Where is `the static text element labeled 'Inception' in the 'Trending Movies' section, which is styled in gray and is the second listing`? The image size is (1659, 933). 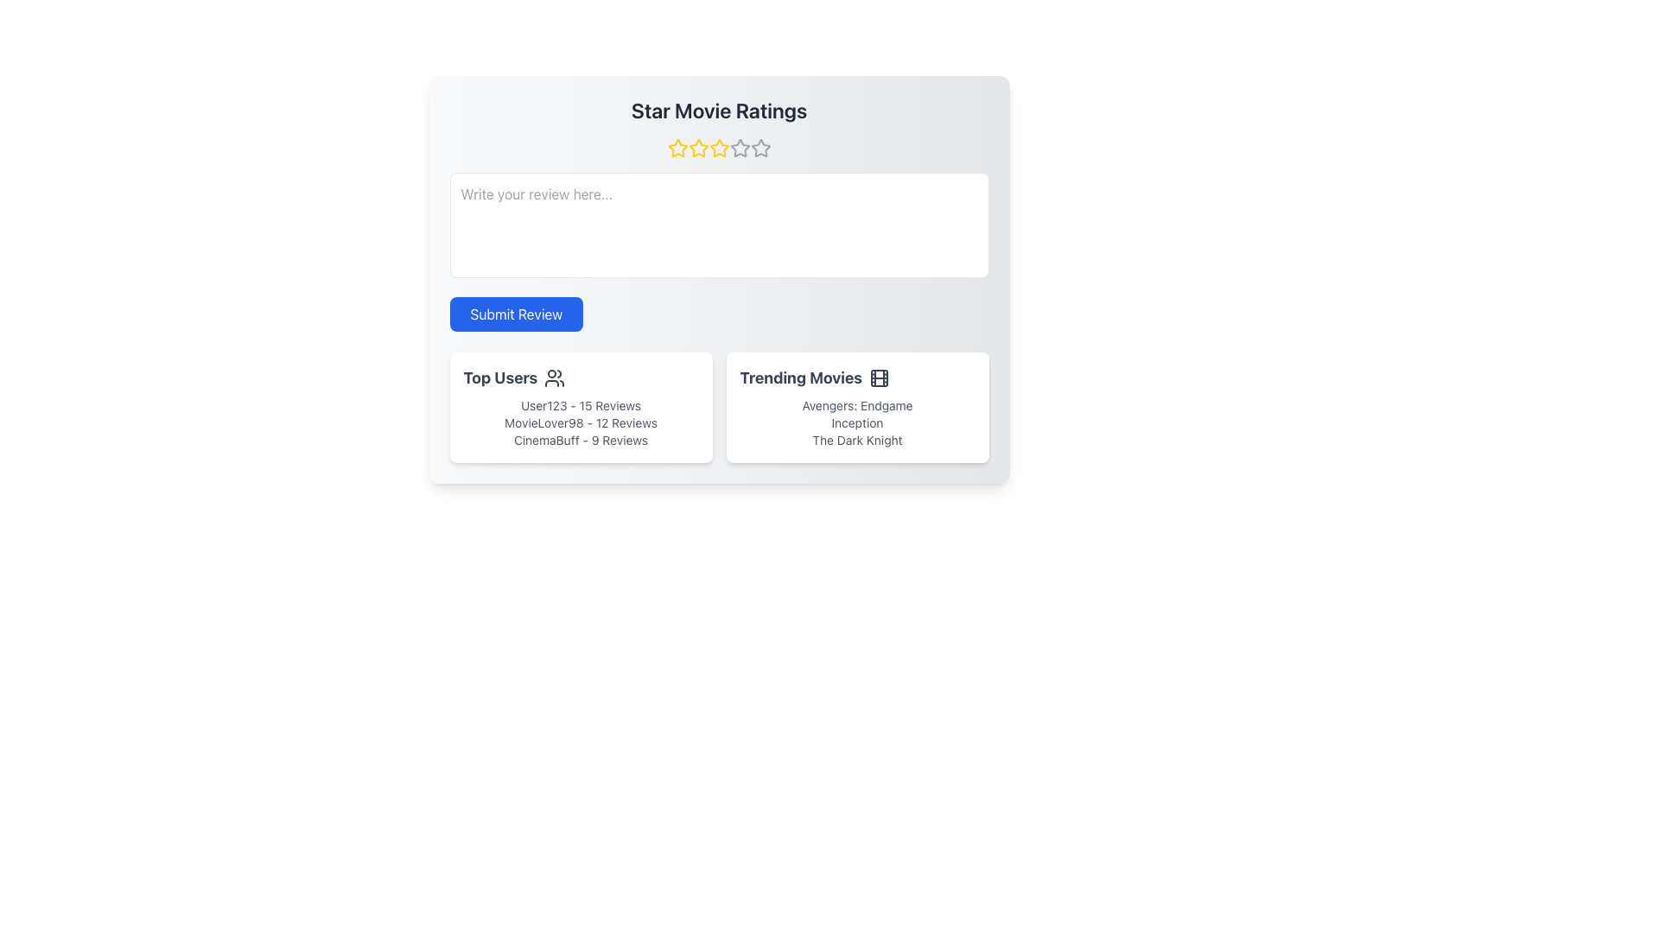
the static text element labeled 'Inception' in the 'Trending Movies' section, which is styled in gray and is the second listing is located at coordinates (857, 422).